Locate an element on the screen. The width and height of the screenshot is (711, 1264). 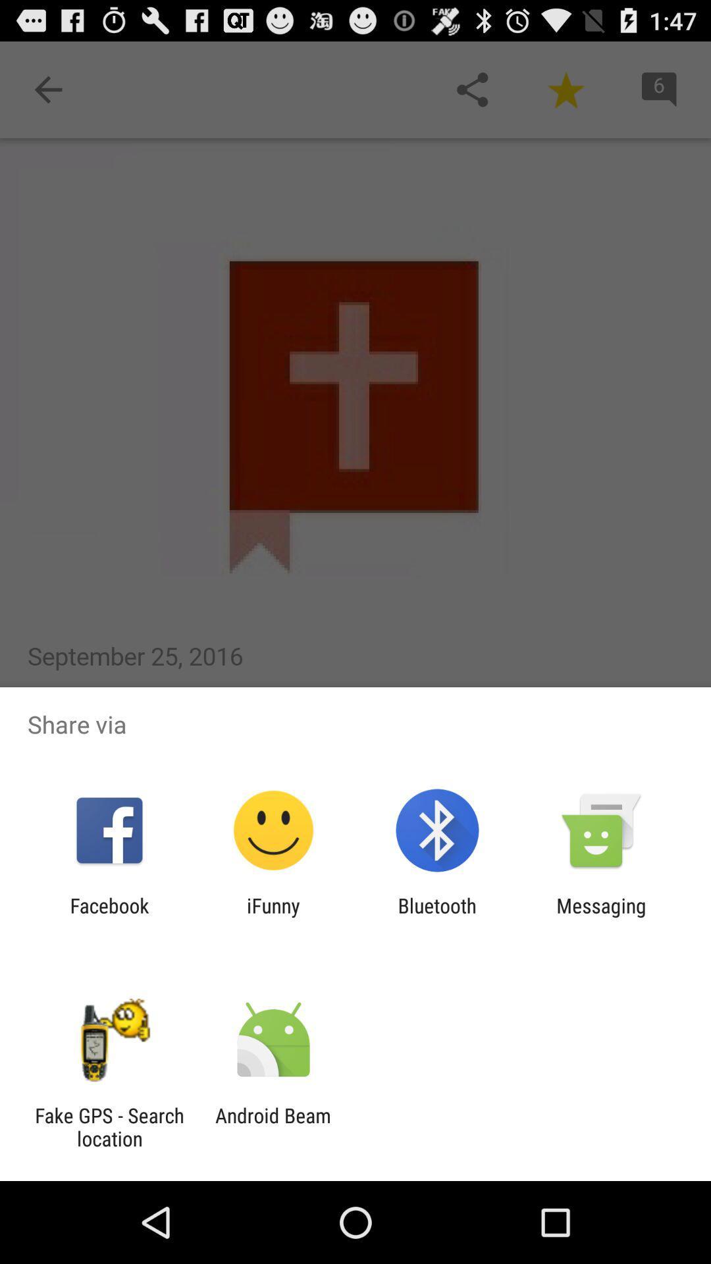
the ifunny app is located at coordinates (273, 916).